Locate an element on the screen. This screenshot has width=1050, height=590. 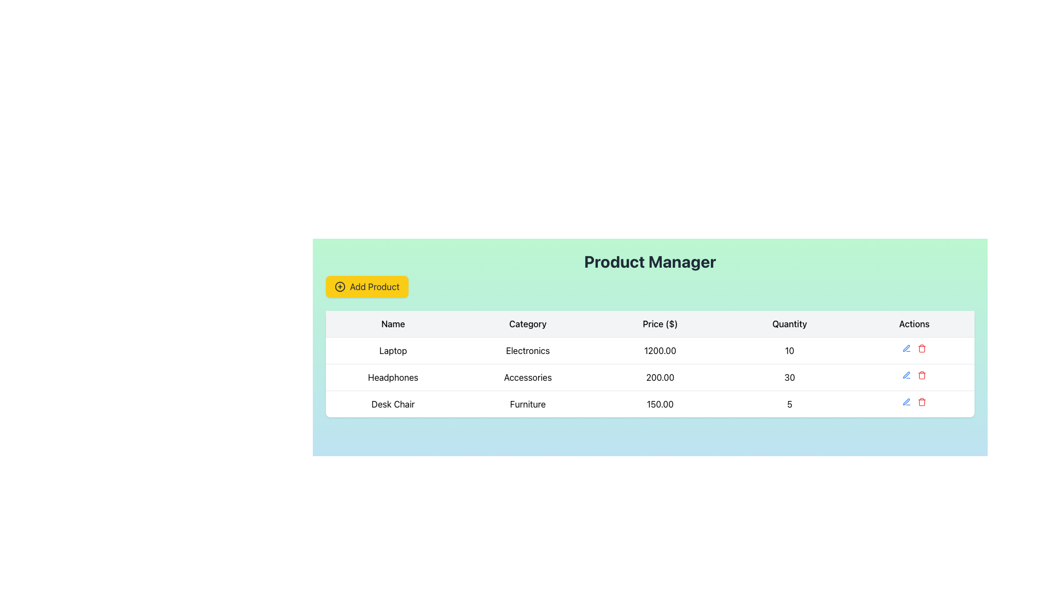
the Icon button in the Actions column of the second row to observe the color change is located at coordinates (907, 348).